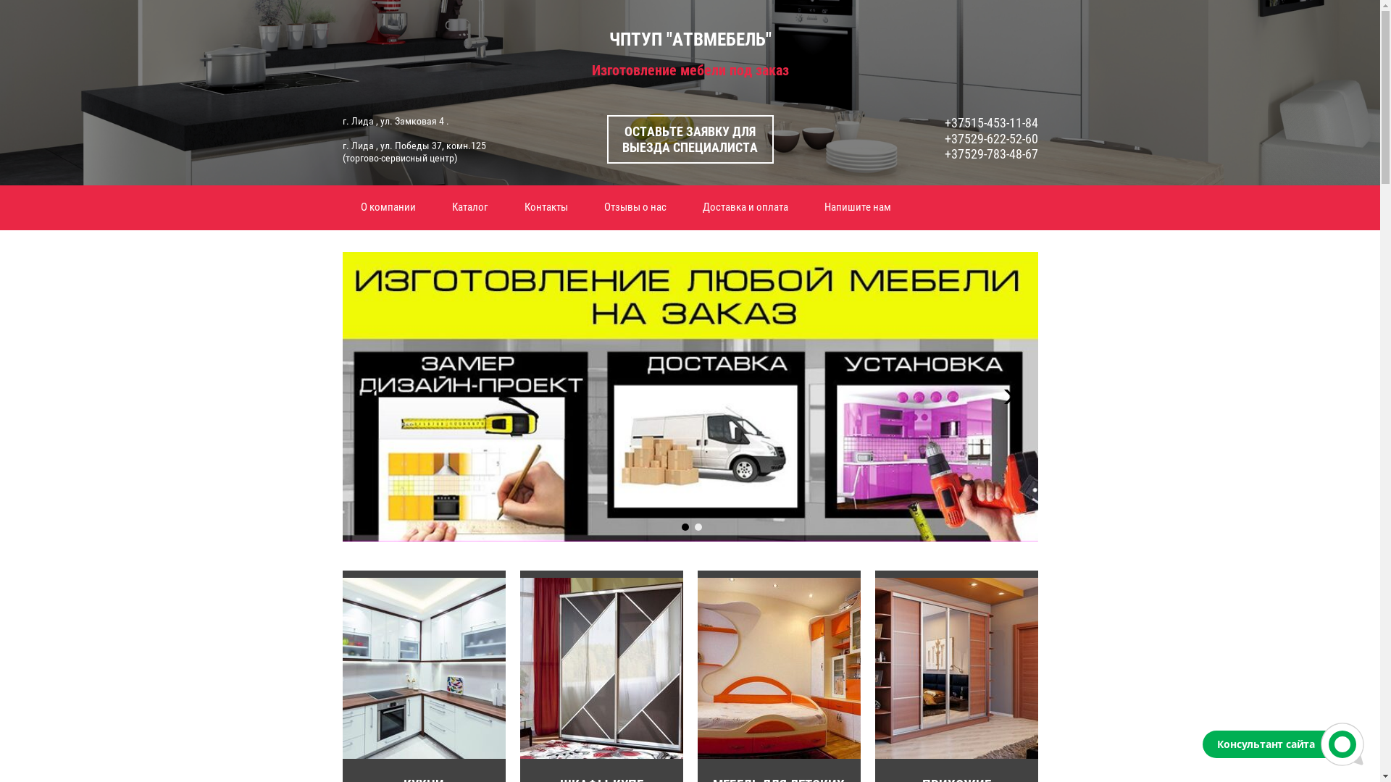  What do you see at coordinates (990, 122) in the screenshot?
I see `'+37515-453-11-84'` at bounding box center [990, 122].